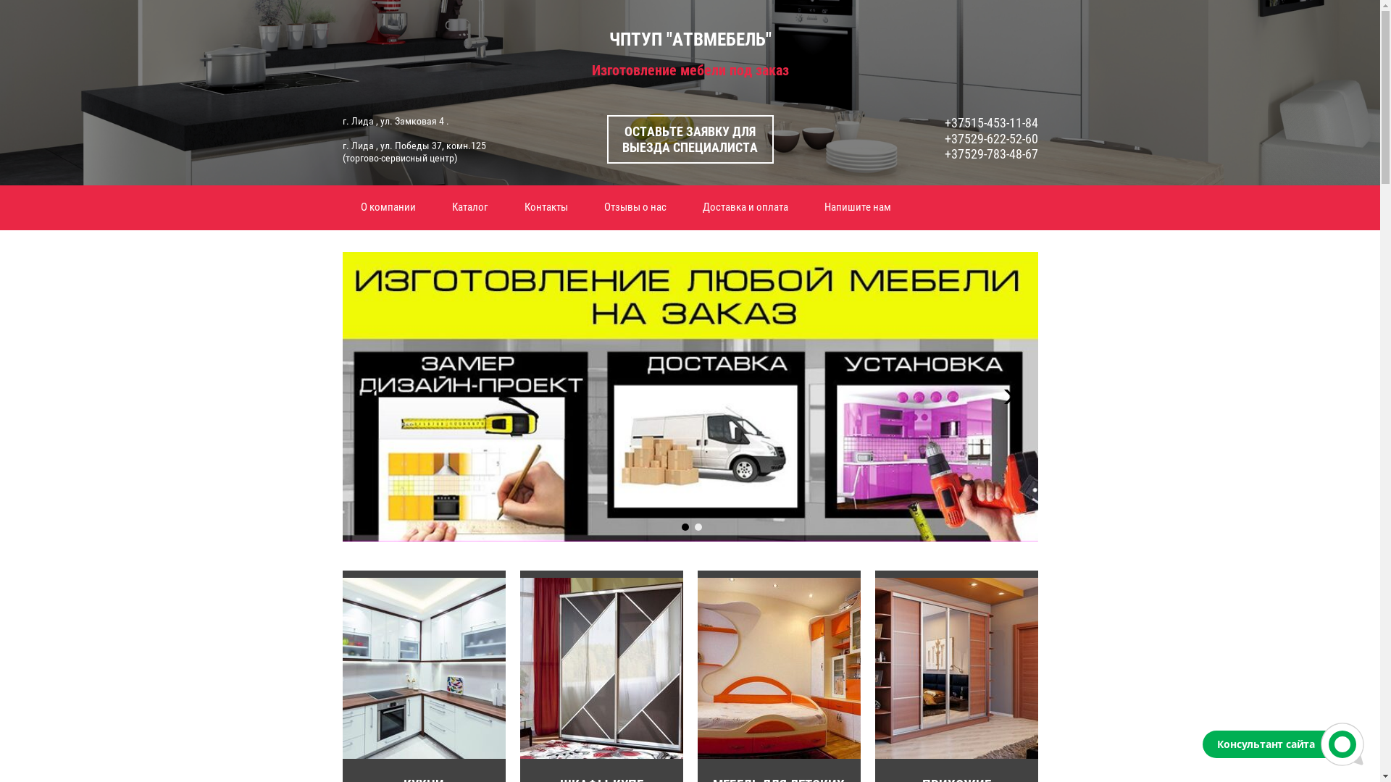  What do you see at coordinates (990, 122) in the screenshot?
I see `'+37515-453-11-84'` at bounding box center [990, 122].